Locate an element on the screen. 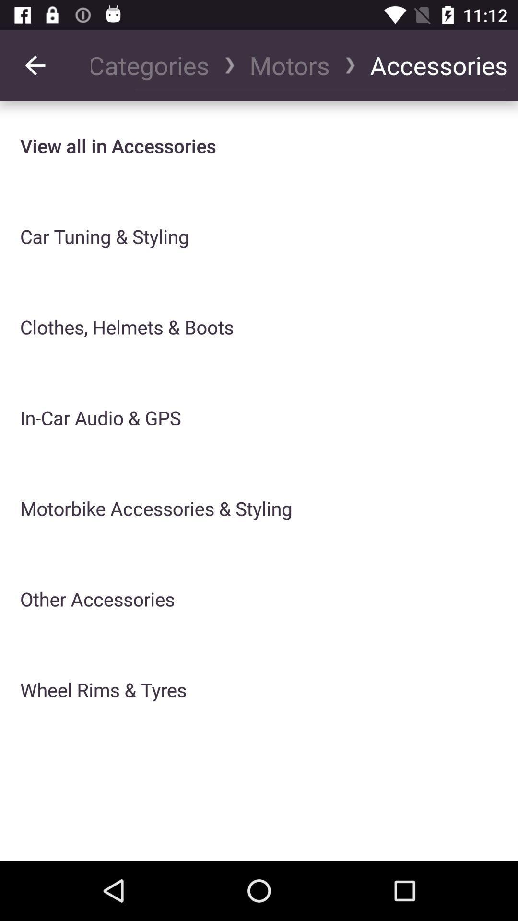 The image size is (518, 921). the icon to the left of all categories item is located at coordinates (35, 65).